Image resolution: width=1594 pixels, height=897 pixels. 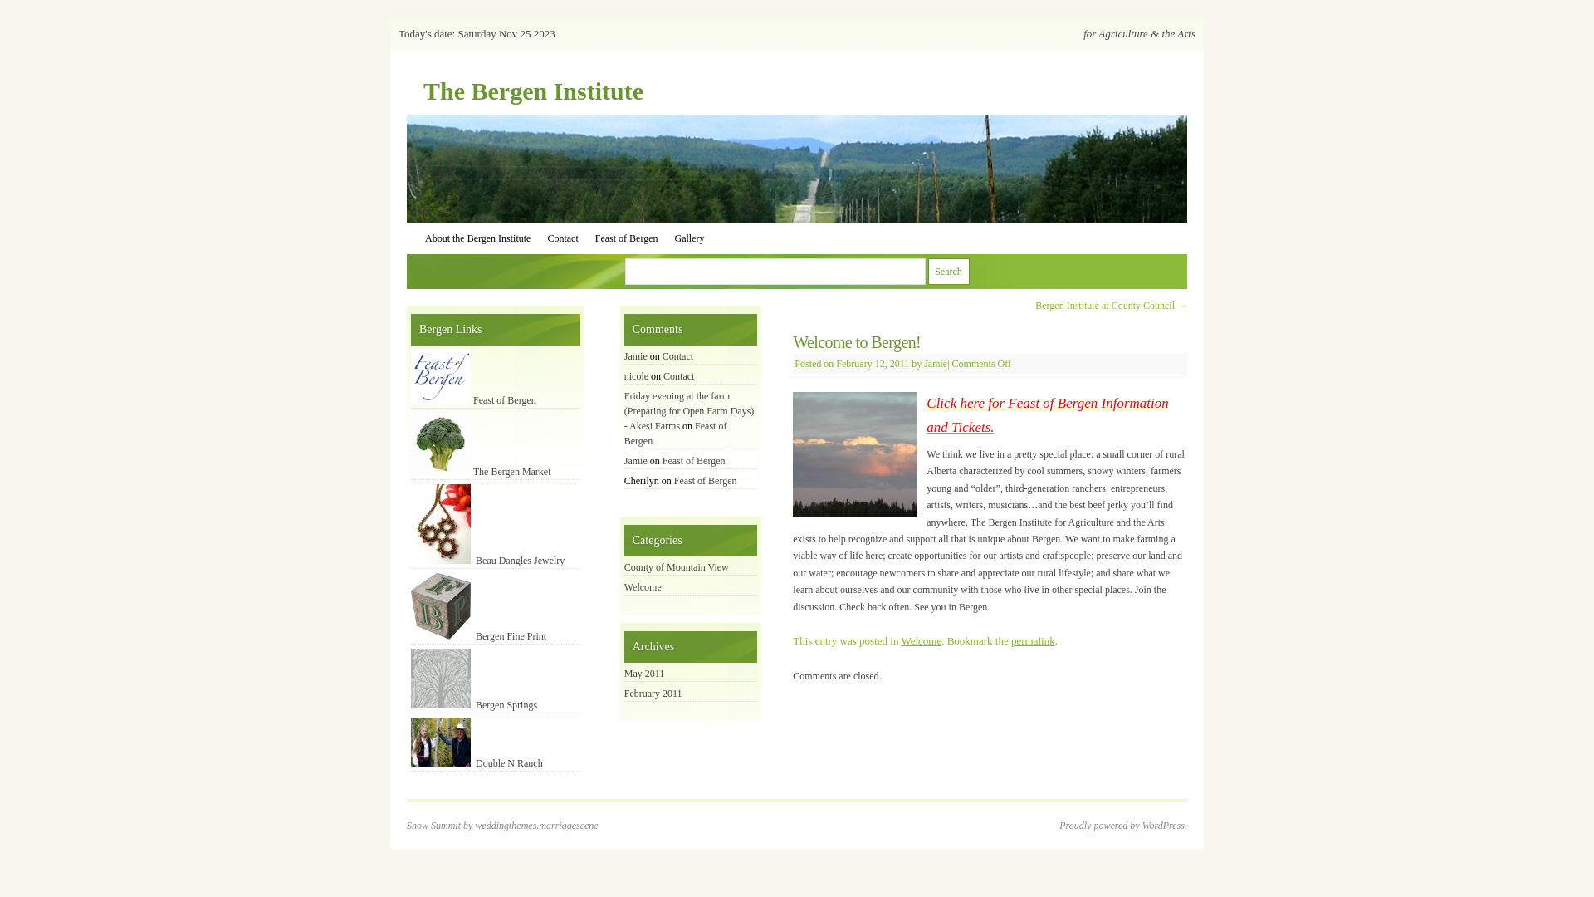 I want to click on 'weddingthemes.marriagescene', so click(x=473, y=826).